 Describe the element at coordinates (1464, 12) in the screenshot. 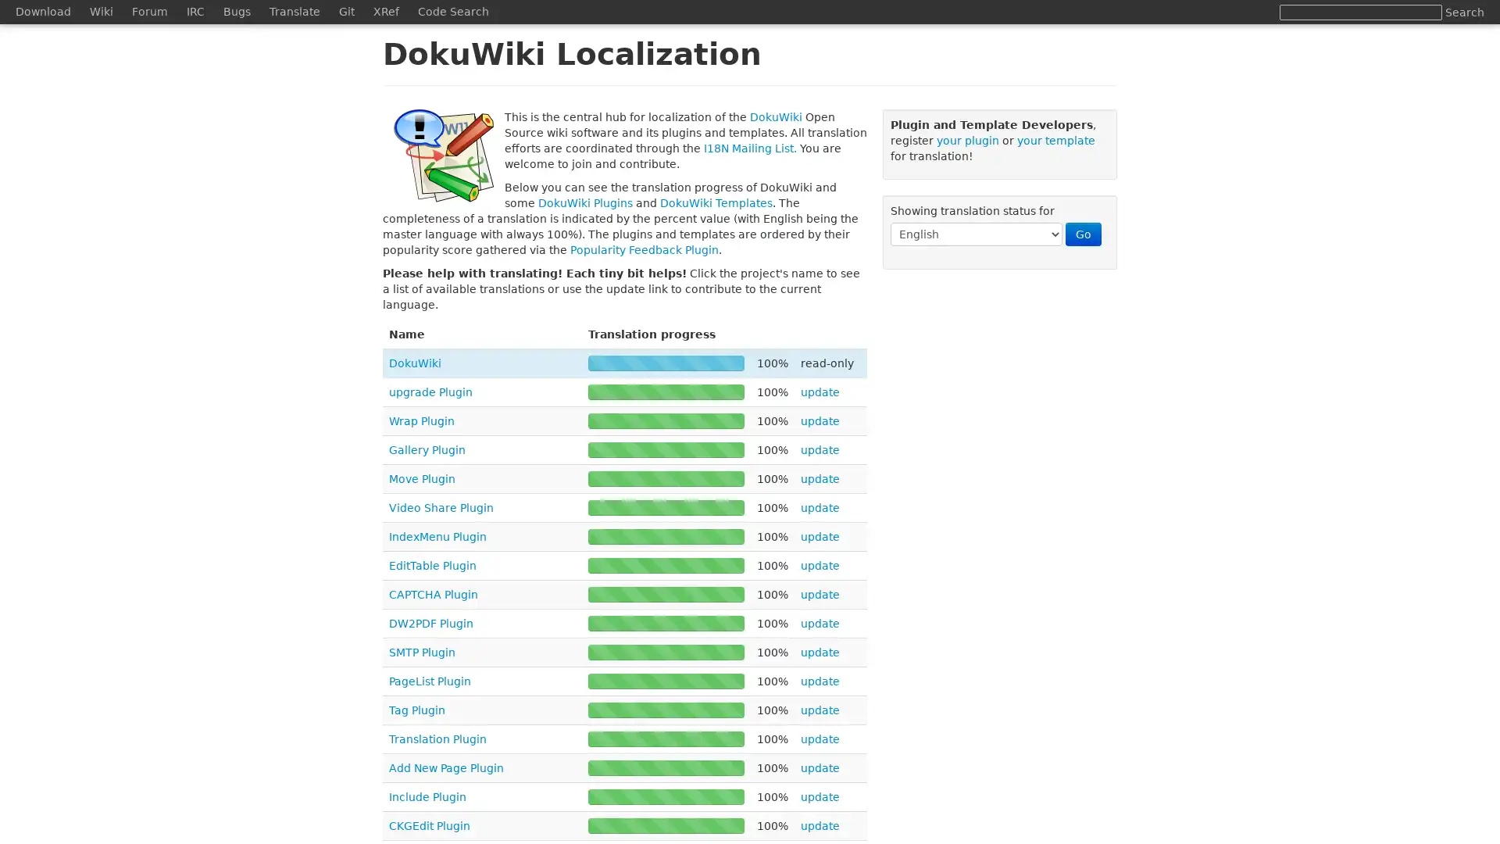

I see `Search` at that location.